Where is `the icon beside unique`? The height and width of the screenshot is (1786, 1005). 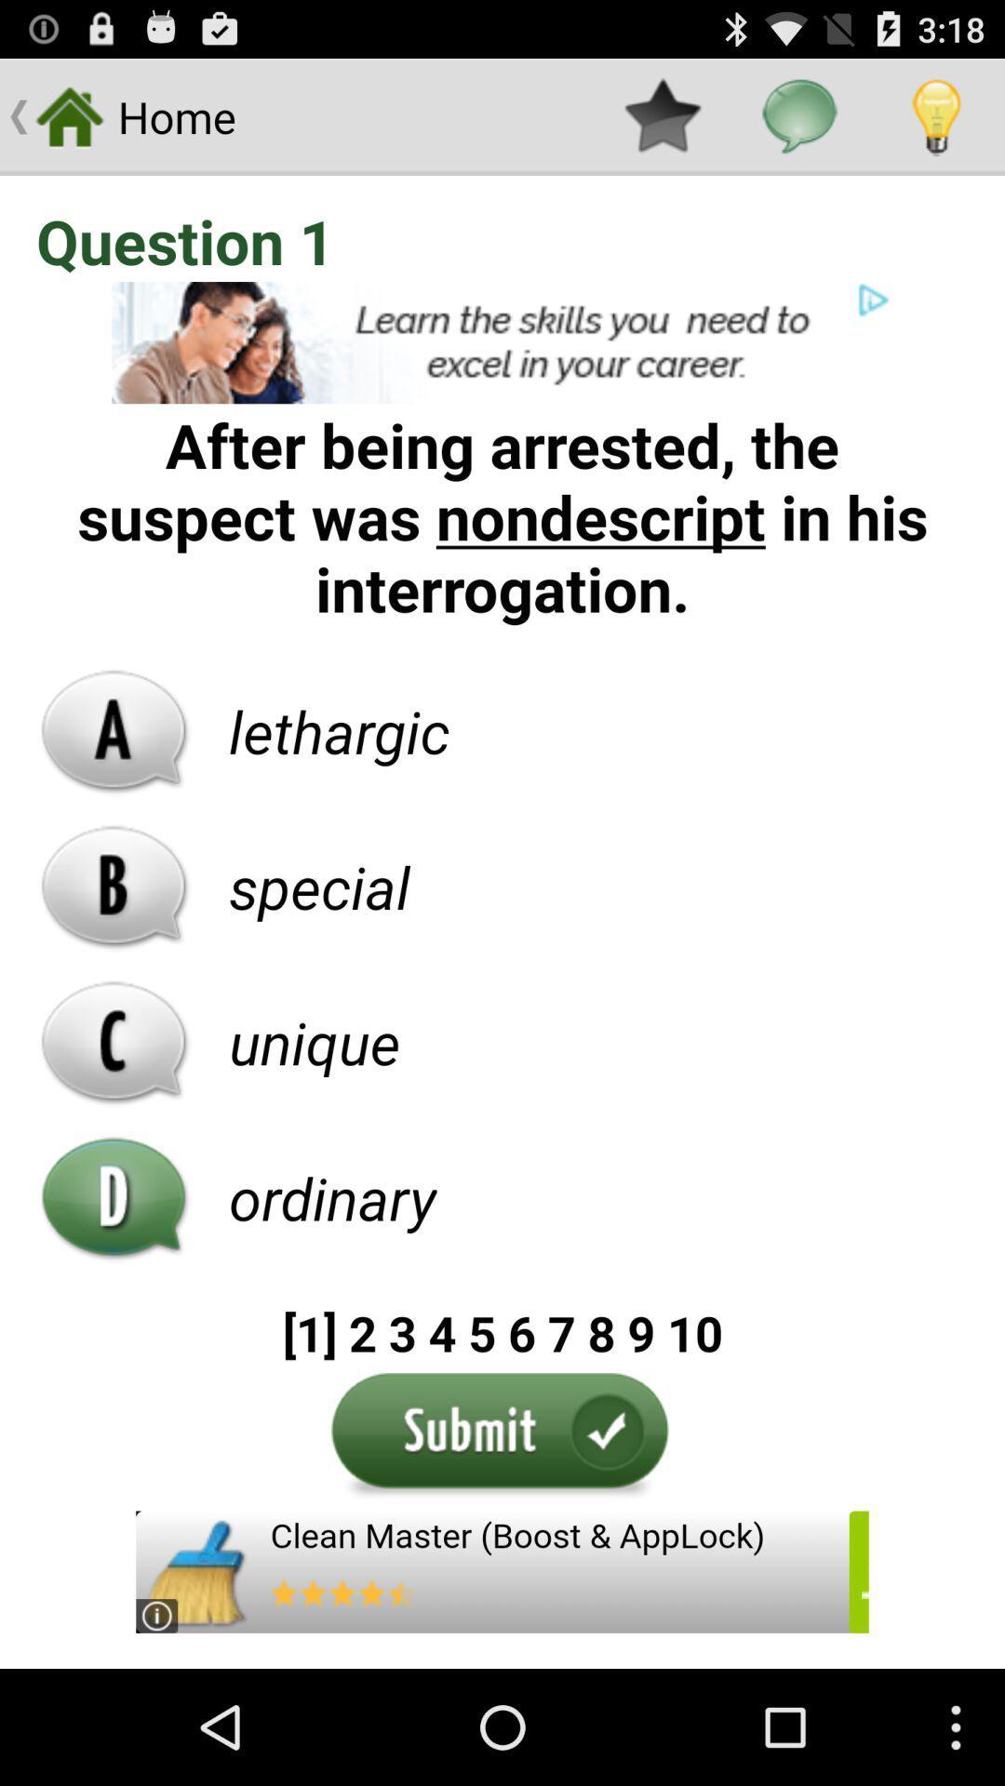 the icon beside unique is located at coordinates (114, 1043).